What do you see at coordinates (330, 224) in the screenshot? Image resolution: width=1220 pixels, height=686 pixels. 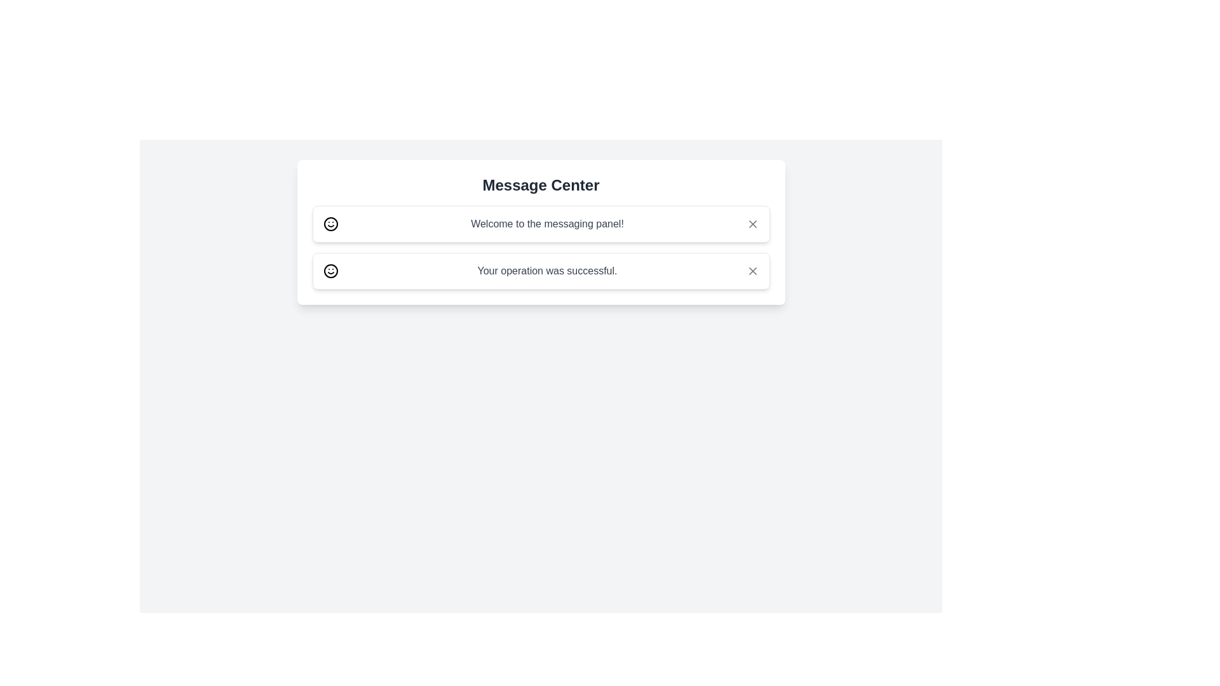 I see `the blue smiley face SVG icon located to the left of the text 'Welcome to the messaging panel!' in the top row of the card` at bounding box center [330, 224].